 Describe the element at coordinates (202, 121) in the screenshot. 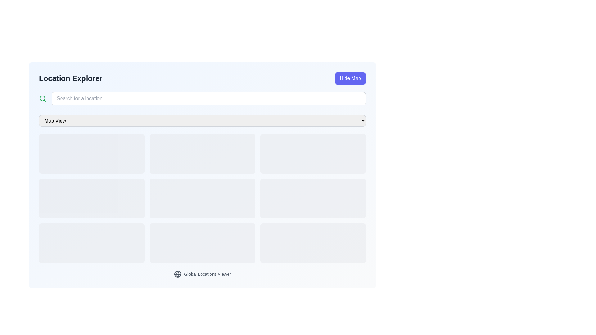

I see `the Dropdown menu located beneath the search bar` at that location.